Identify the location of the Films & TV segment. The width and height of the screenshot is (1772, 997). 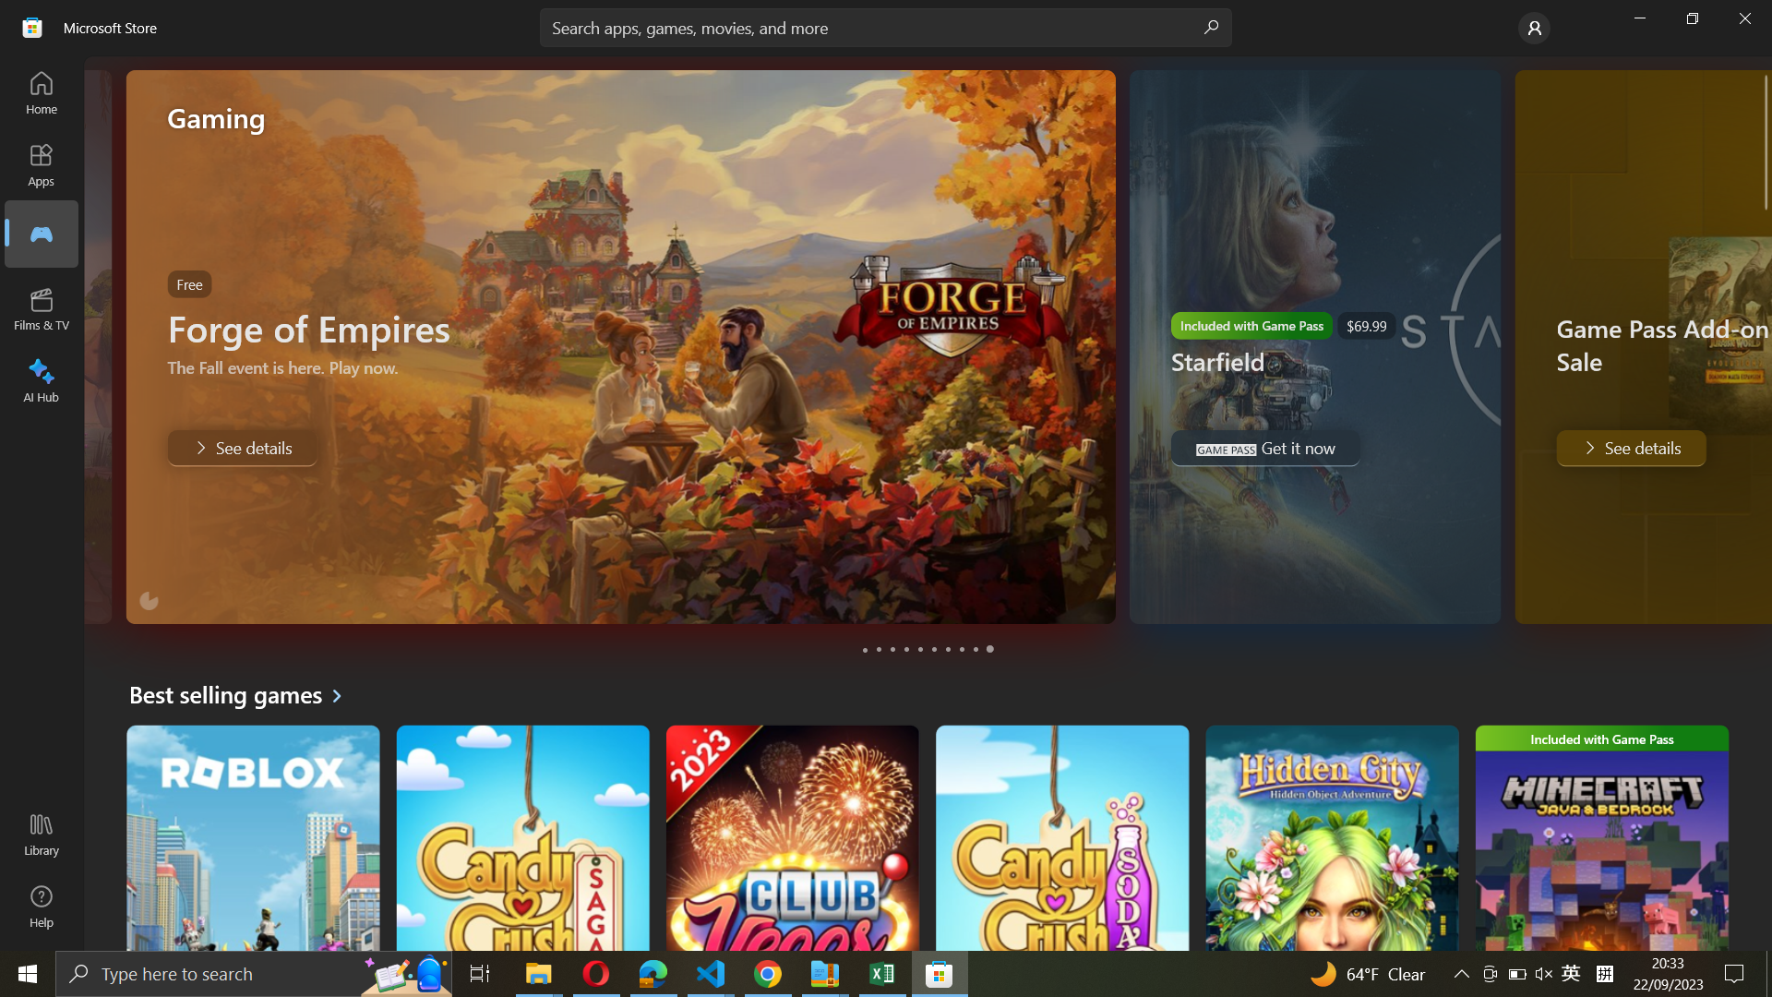
(42, 308).